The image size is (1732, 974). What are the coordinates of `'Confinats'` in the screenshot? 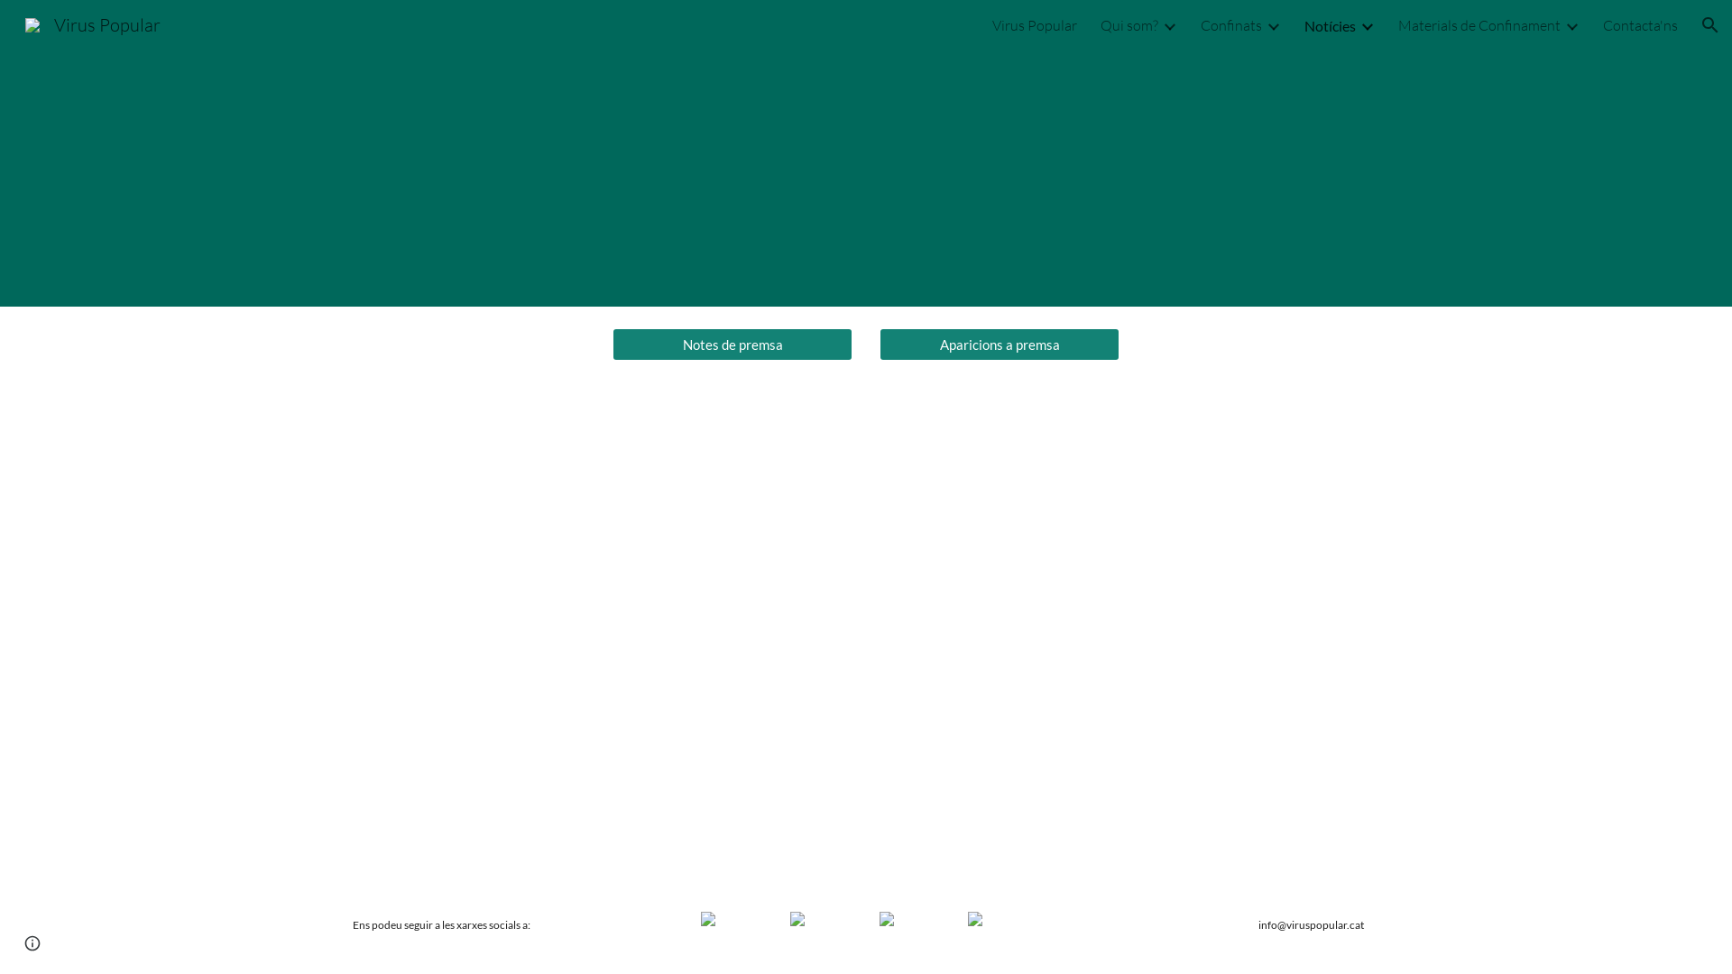 It's located at (1200, 24).